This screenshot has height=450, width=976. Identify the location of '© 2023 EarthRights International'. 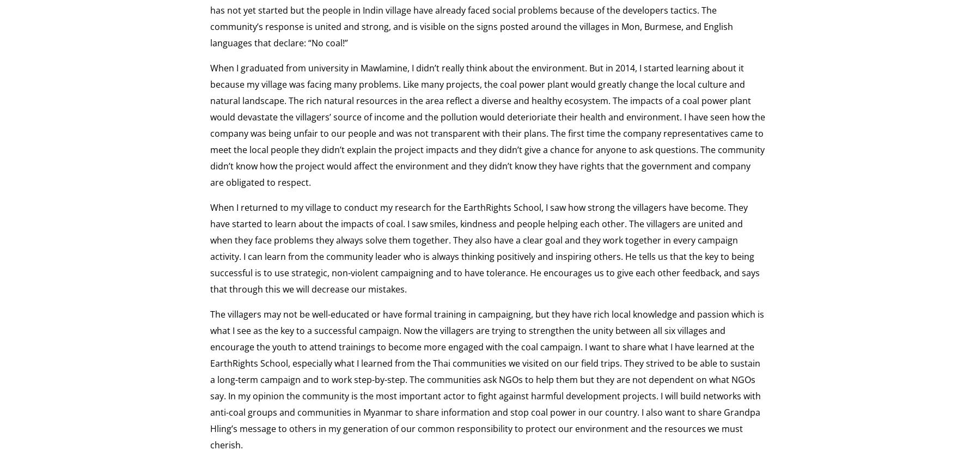
(86, 131).